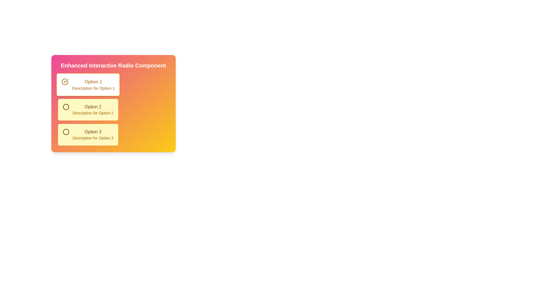  What do you see at coordinates (66, 132) in the screenshot?
I see `the state of the circular icon indicating the selection status of 'Option 3' in the radio button group` at bounding box center [66, 132].